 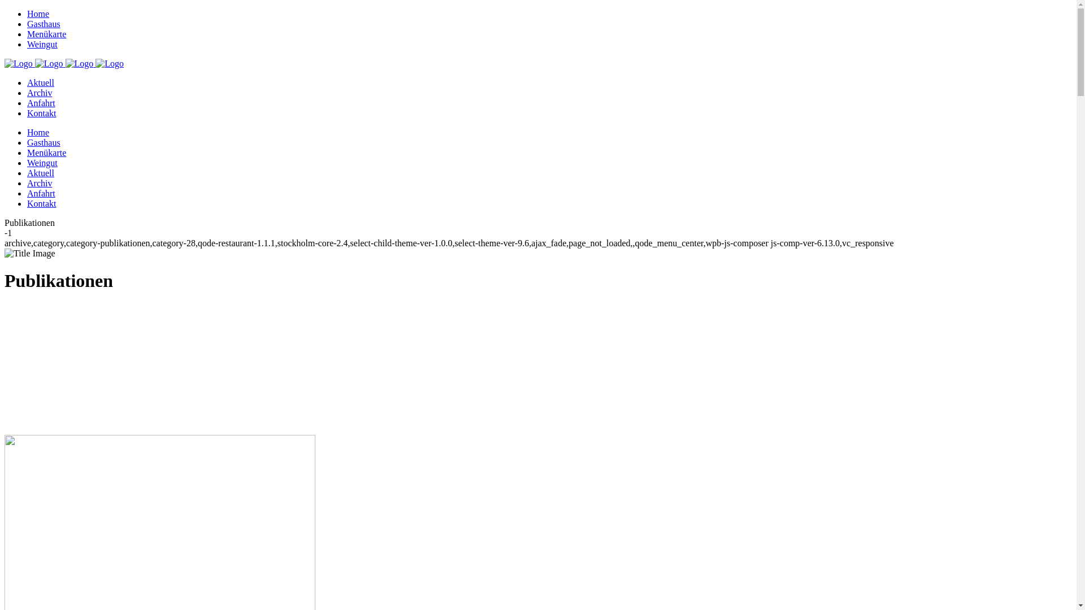 I want to click on 'Home', so click(x=38, y=14).